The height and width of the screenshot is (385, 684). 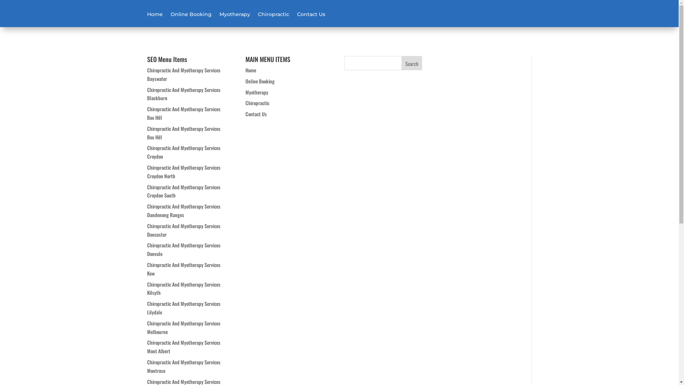 What do you see at coordinates (183, 133) in the screenshot?
I see `'Chiropractic And Myotherapy Services Box Hill'` at bounding box center [183, 133].